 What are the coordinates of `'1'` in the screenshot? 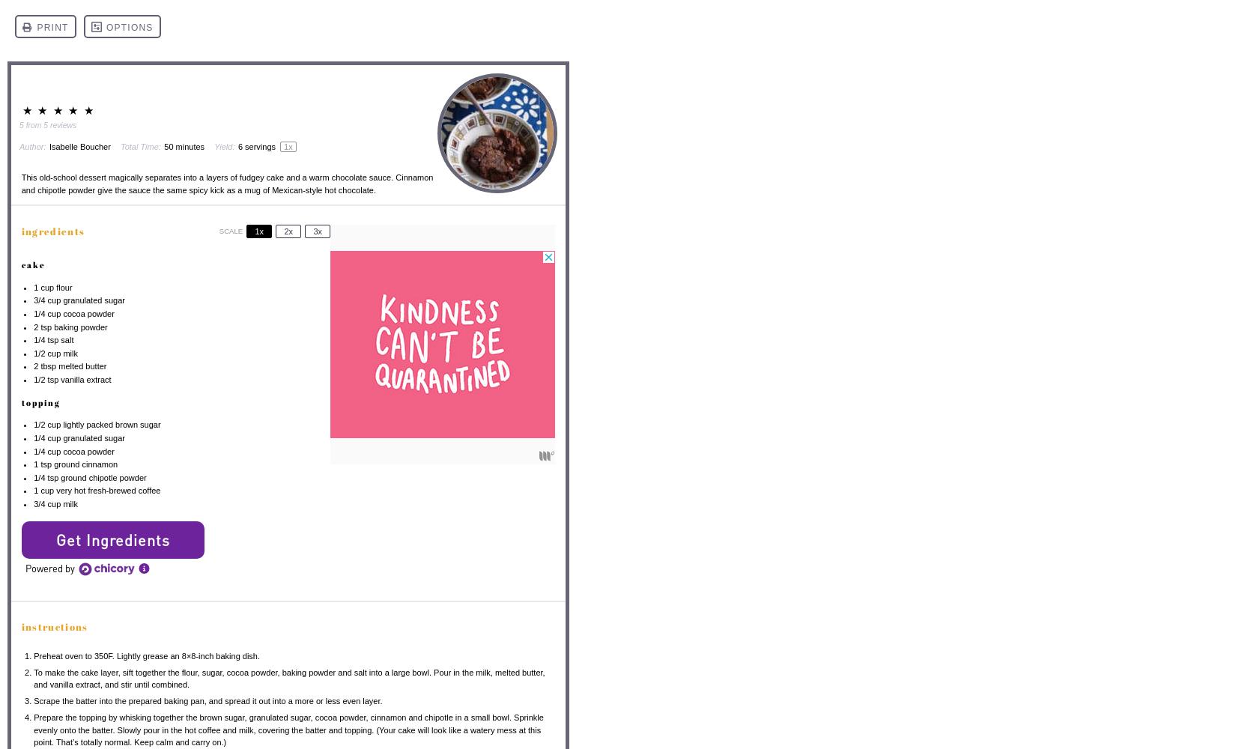 It's located at (285, 145).